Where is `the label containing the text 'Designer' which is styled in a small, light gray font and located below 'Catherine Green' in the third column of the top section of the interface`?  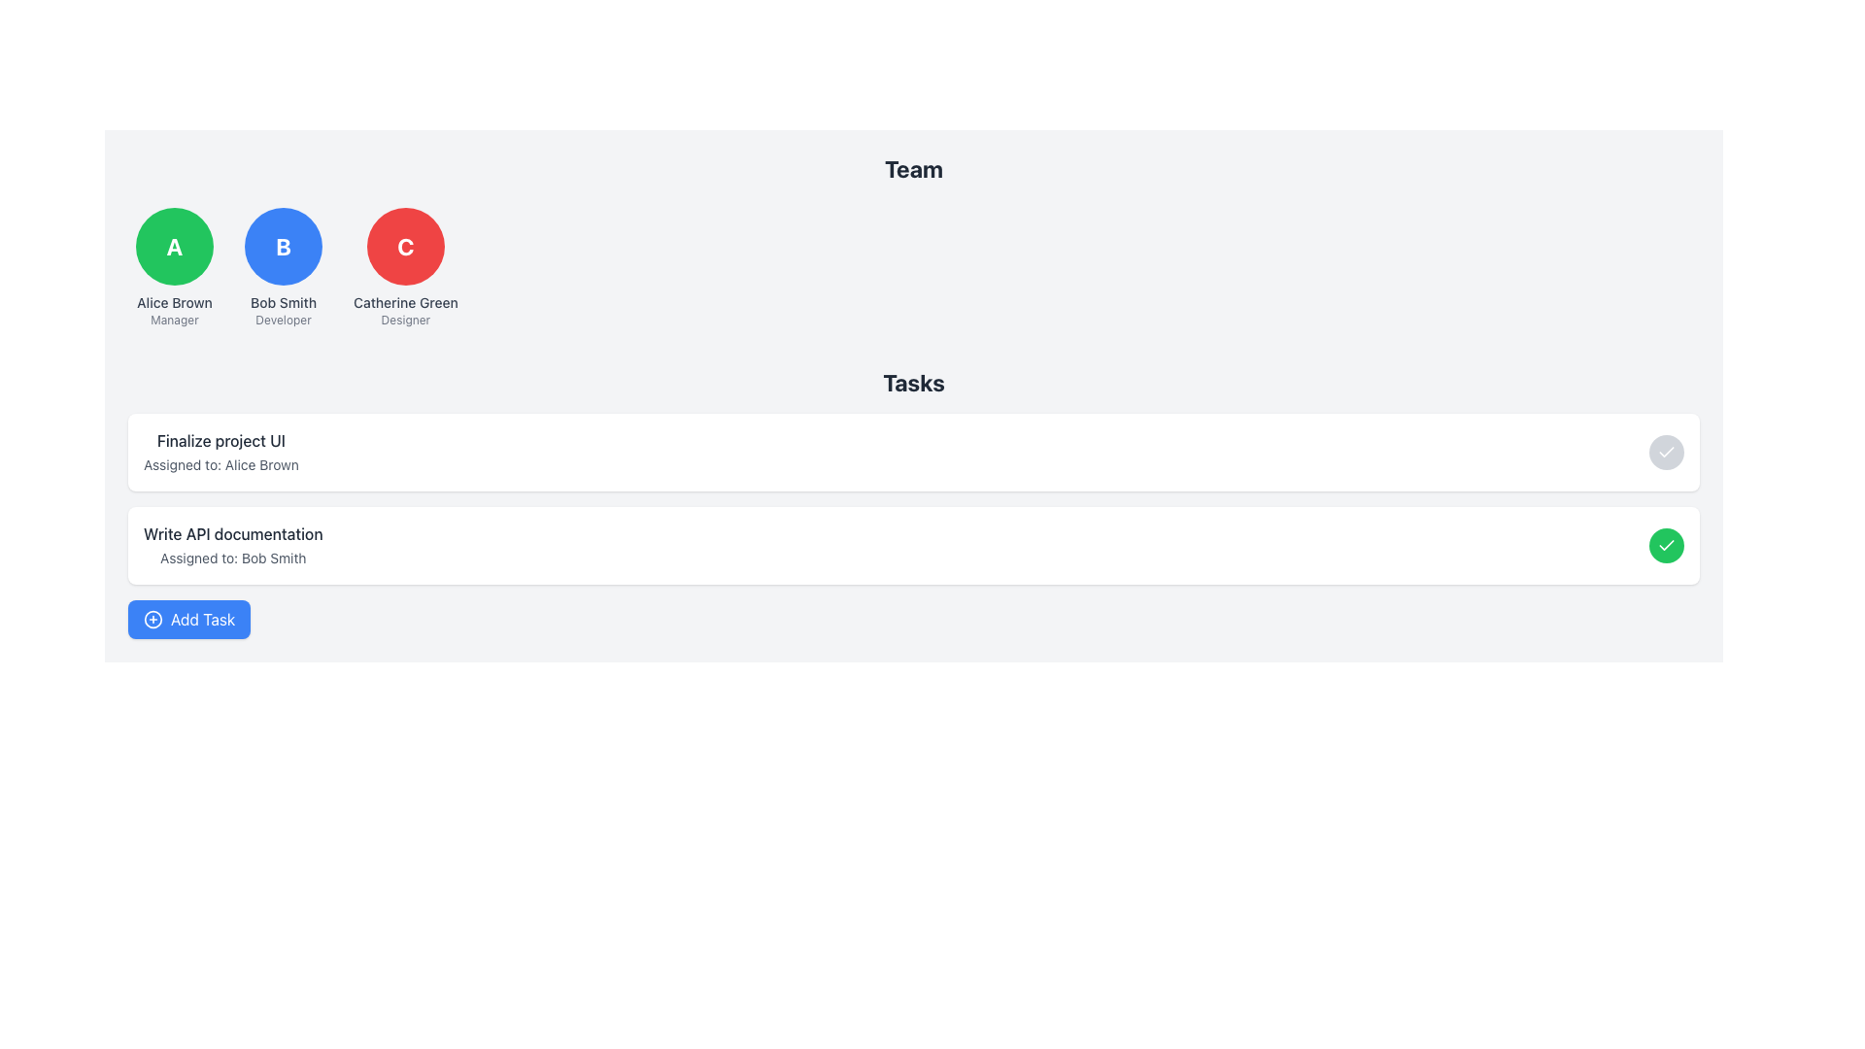
the label containing the text 'Designer' which is styled in a small, light gray font and located below 'Catherine Green' in the third column of the top section of the interface is located at coordinates (404, 320).